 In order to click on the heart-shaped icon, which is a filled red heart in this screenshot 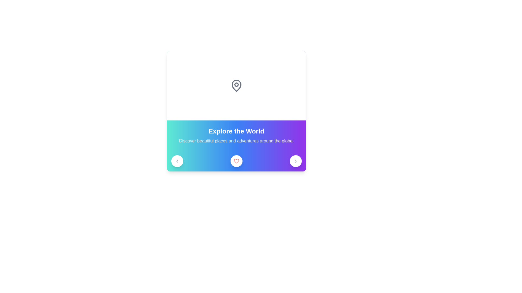, I will do `click(236, 161)`.